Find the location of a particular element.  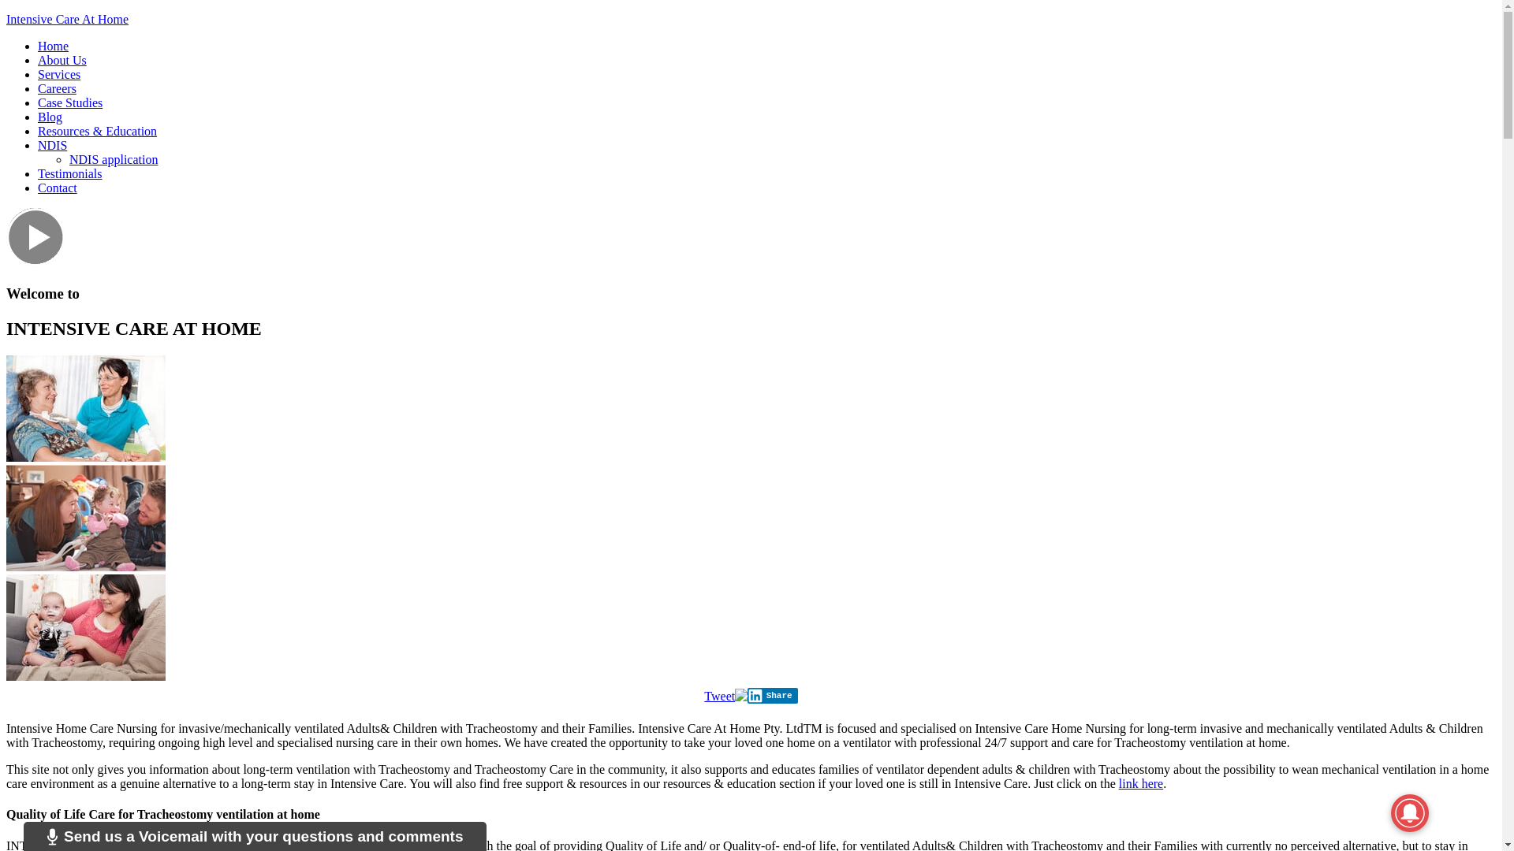

'About Us' is located at coordinates (38, 59).